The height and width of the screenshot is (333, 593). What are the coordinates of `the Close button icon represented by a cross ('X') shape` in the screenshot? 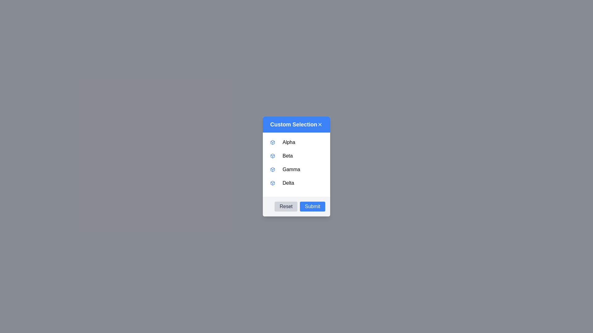 It's located at (320, 125).